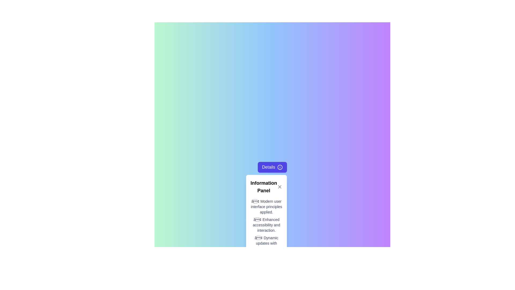  Describe the element at coordinates (279, 186) in the screenshot. I see `the 'X' icon button in the top-right corner of the Information Panel` at that location.